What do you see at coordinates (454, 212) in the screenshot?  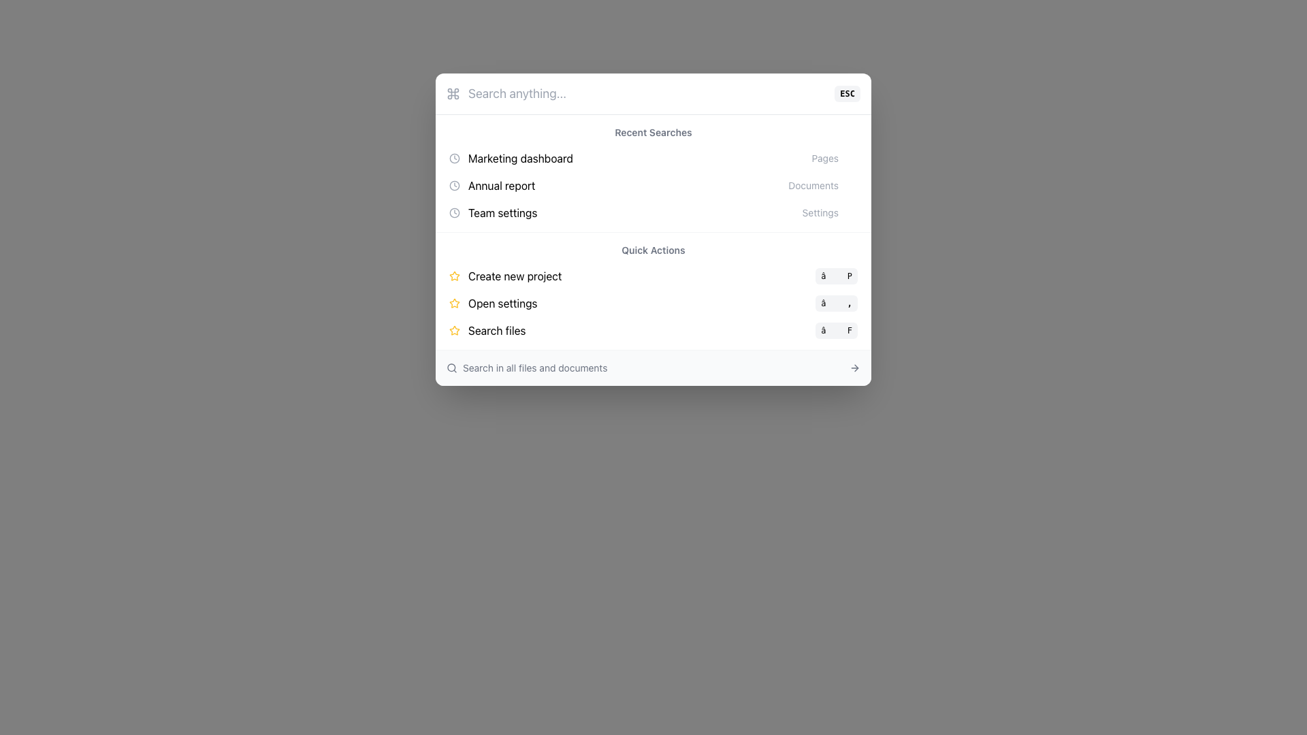 I see `the outermost circular outline of the clock-like icon within the SVG graphic, located to the left of the 'Team settings' text in the 'Recent Searches' section` at bounding box center [454, 212].